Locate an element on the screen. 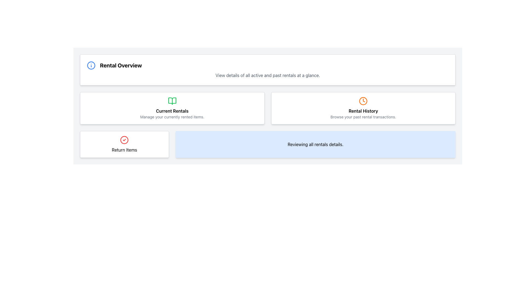 This screenshot has width=526, height=296. the text label located in the bottom-right panel of the grid, which provides descriptive information about the panel's purpose is located at coordinates (315, 144).